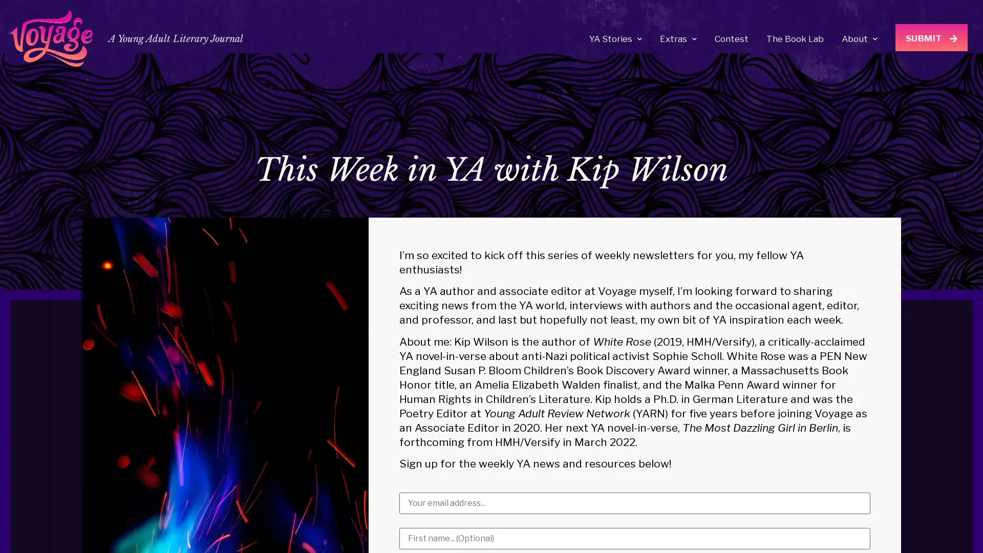  I want to click on SUBMIT, so click(931, 37).